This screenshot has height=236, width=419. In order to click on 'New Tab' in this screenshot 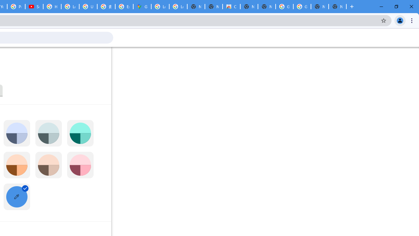, I will do `click(337, 7)`.